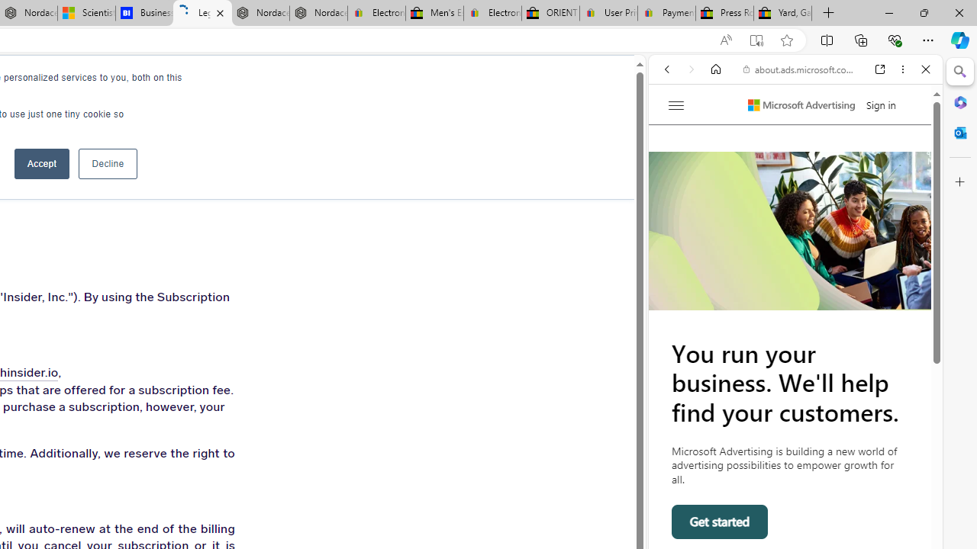 The image size is (977, 549). What do you see at coordinates (798, 69) in the screenshot?
I see `'about.ads.microsoft.com'` at bounding box center [798, 69].